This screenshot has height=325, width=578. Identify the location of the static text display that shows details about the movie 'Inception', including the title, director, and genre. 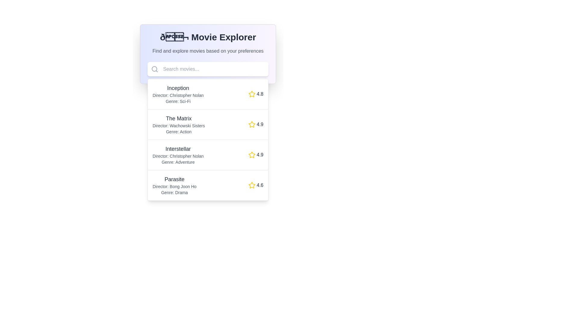
(178, 94).